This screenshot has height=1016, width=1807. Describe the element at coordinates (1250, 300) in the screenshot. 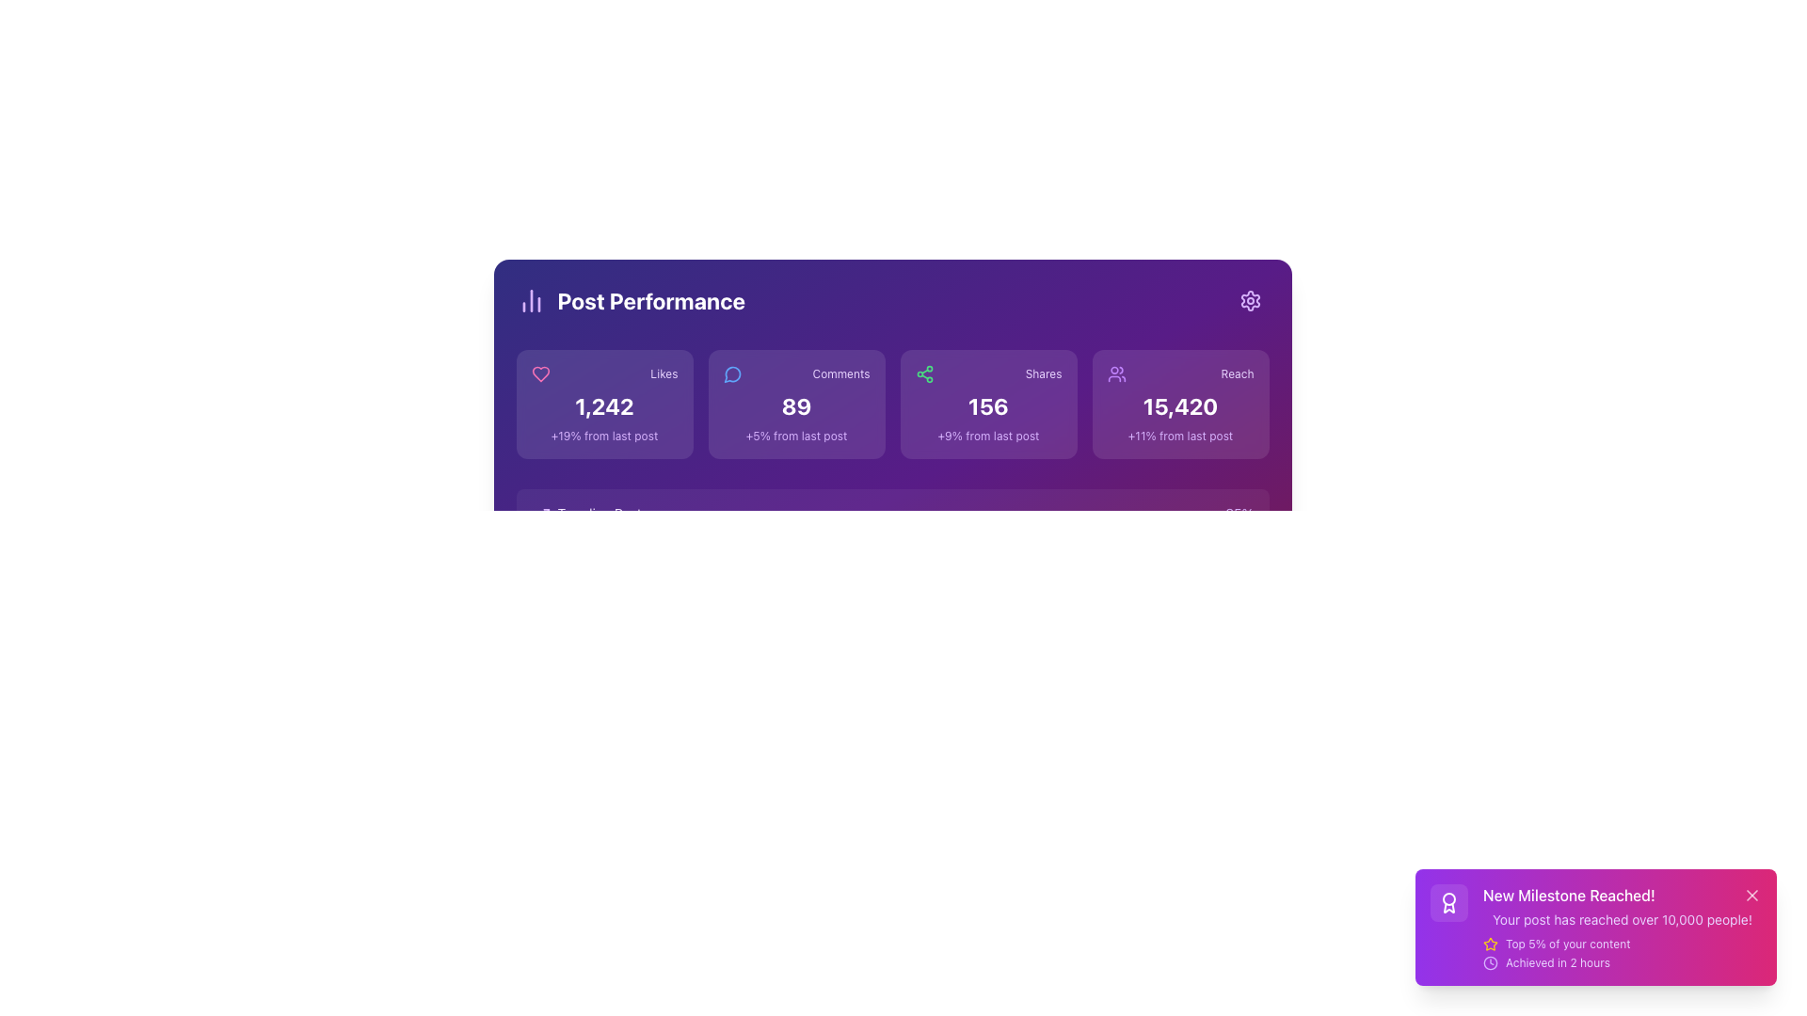

I see `the interactive settings icon, a small gear-like icon located at the top-right corner of the 'Post Performance' section` at that location.